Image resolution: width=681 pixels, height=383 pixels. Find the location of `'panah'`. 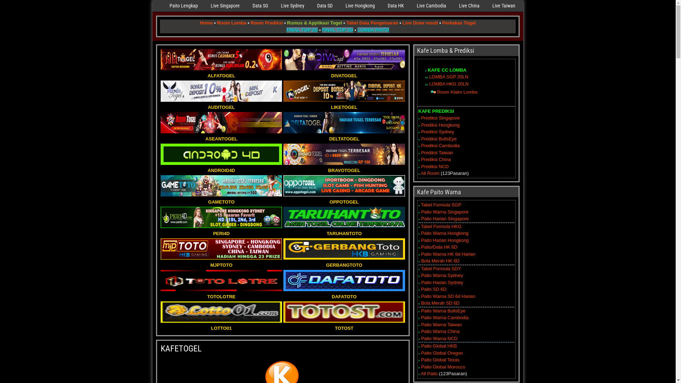

'panah' is located at coordinates (426, 84).